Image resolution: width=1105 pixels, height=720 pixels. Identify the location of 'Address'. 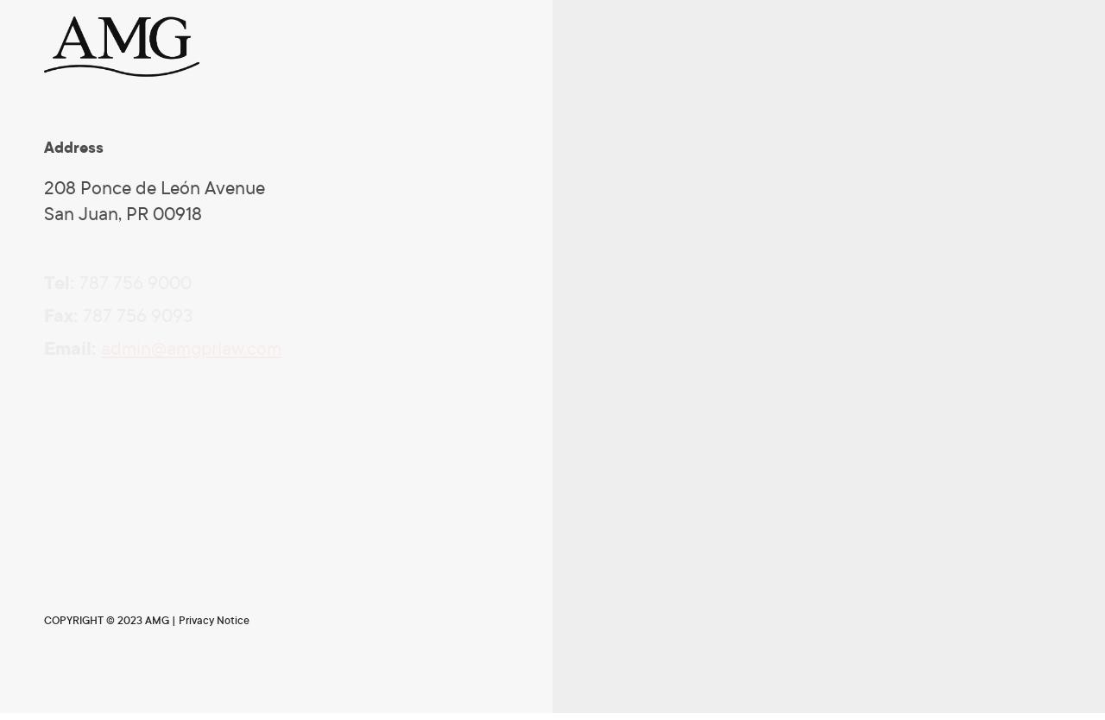
(73, 148).